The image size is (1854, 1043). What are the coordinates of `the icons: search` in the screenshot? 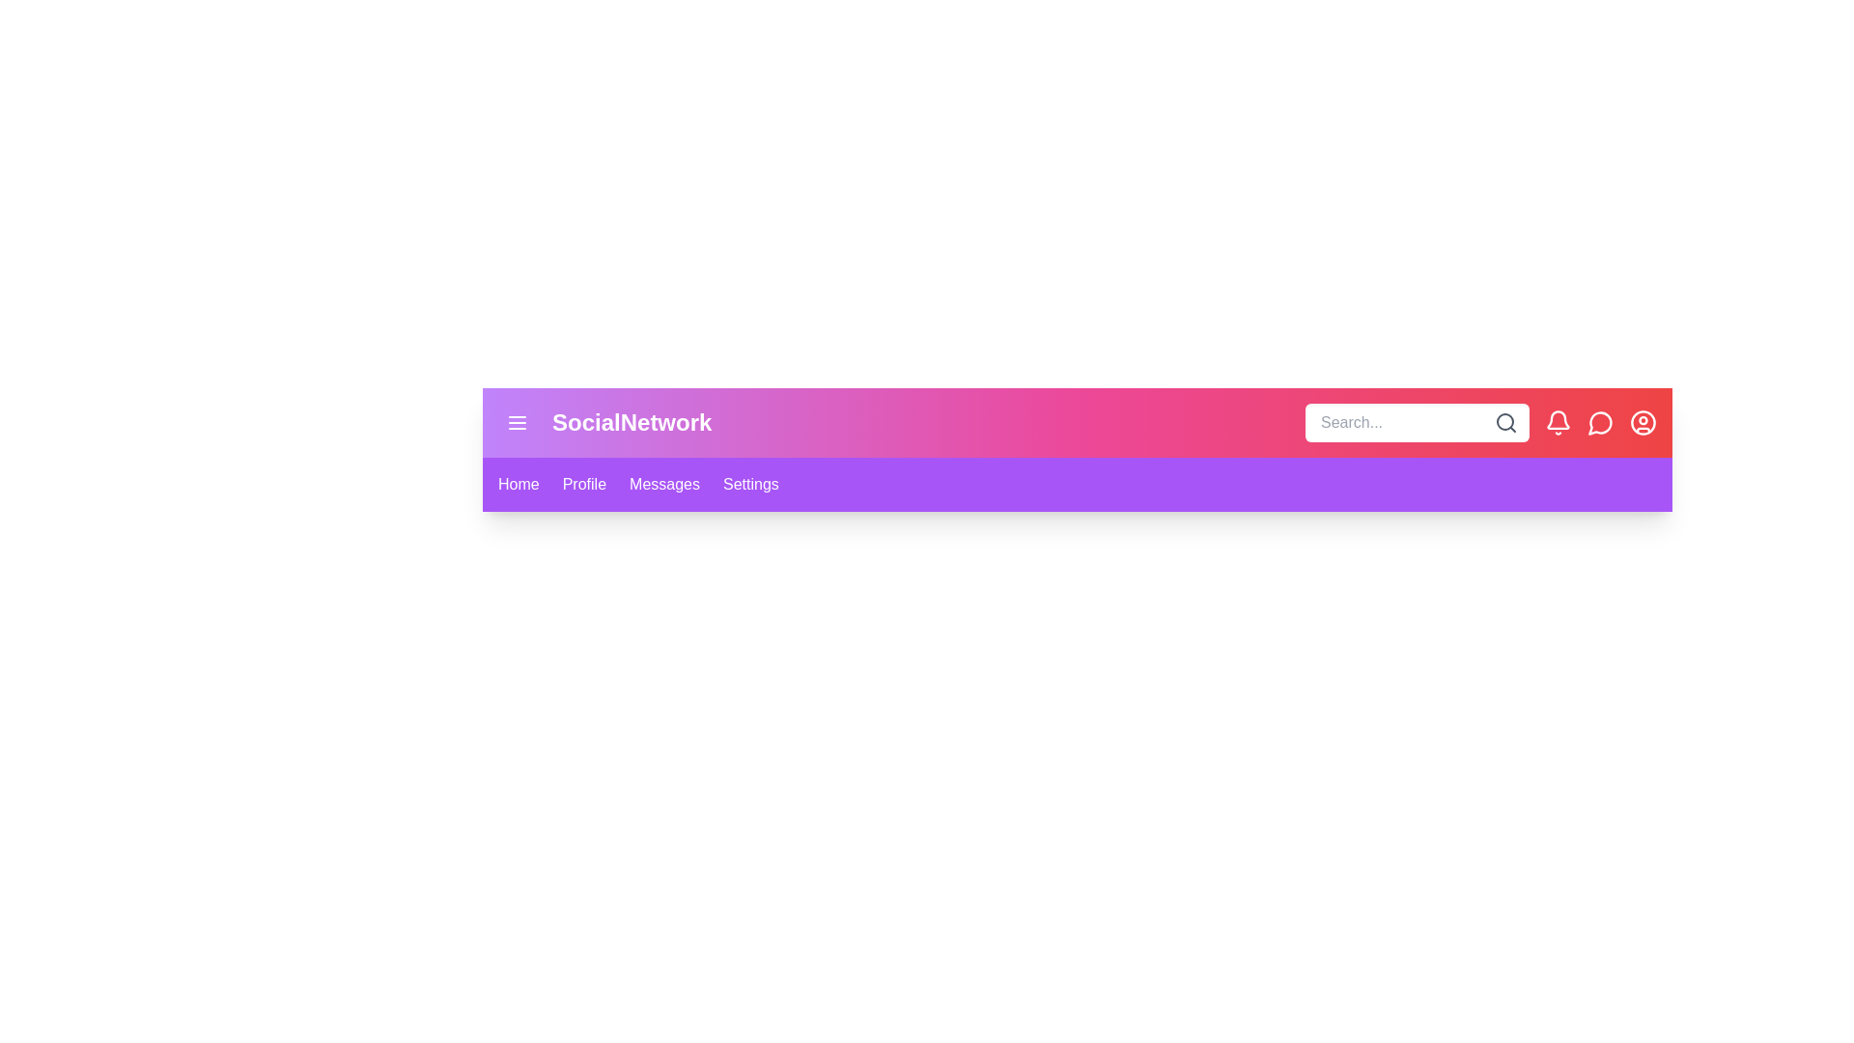 It's located at (1505, 422).